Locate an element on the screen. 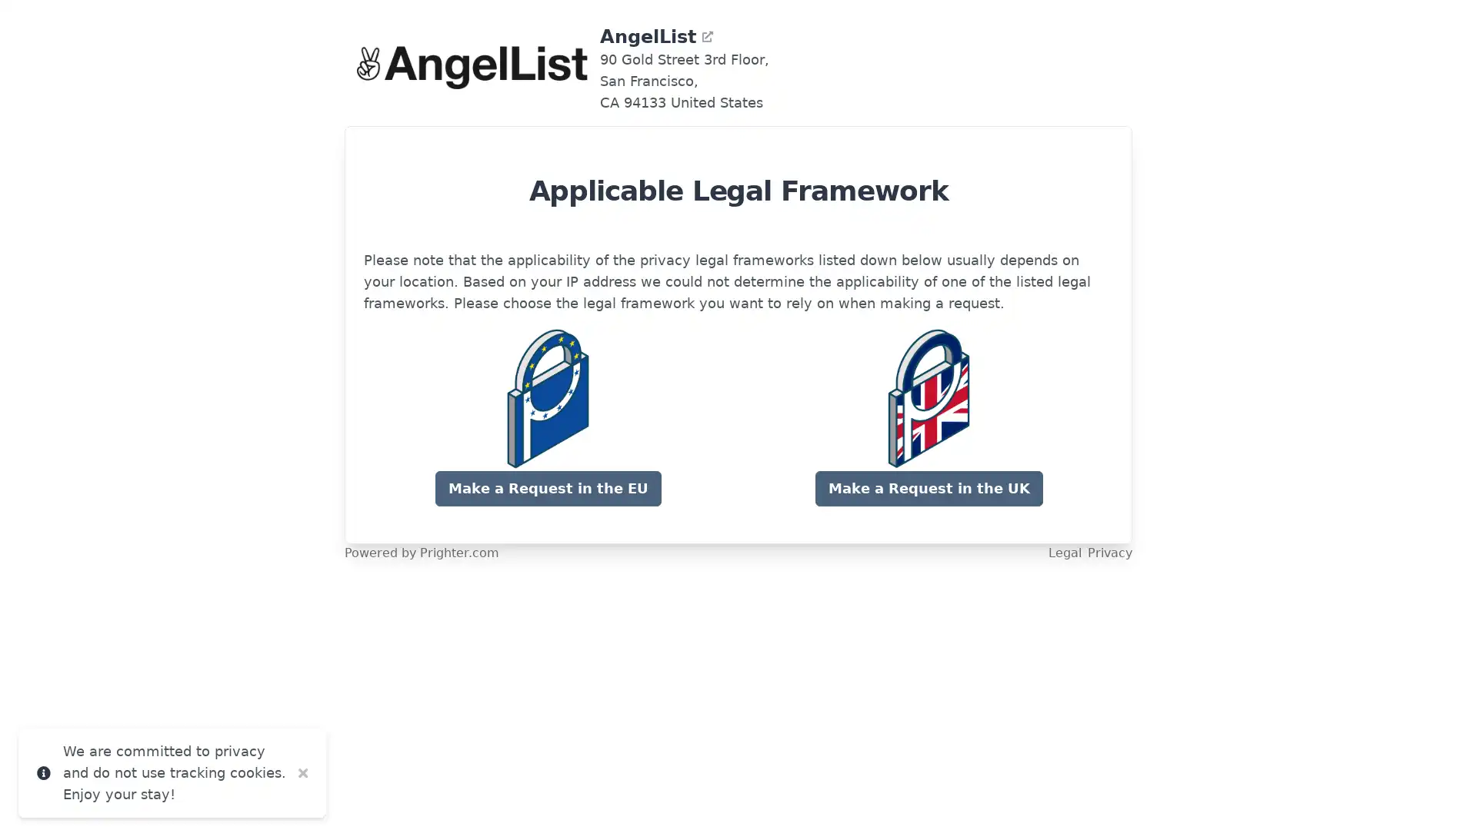 This screenshot has width=1477, height=830. Make a Request in the UK is located at coordinates (927, 488).